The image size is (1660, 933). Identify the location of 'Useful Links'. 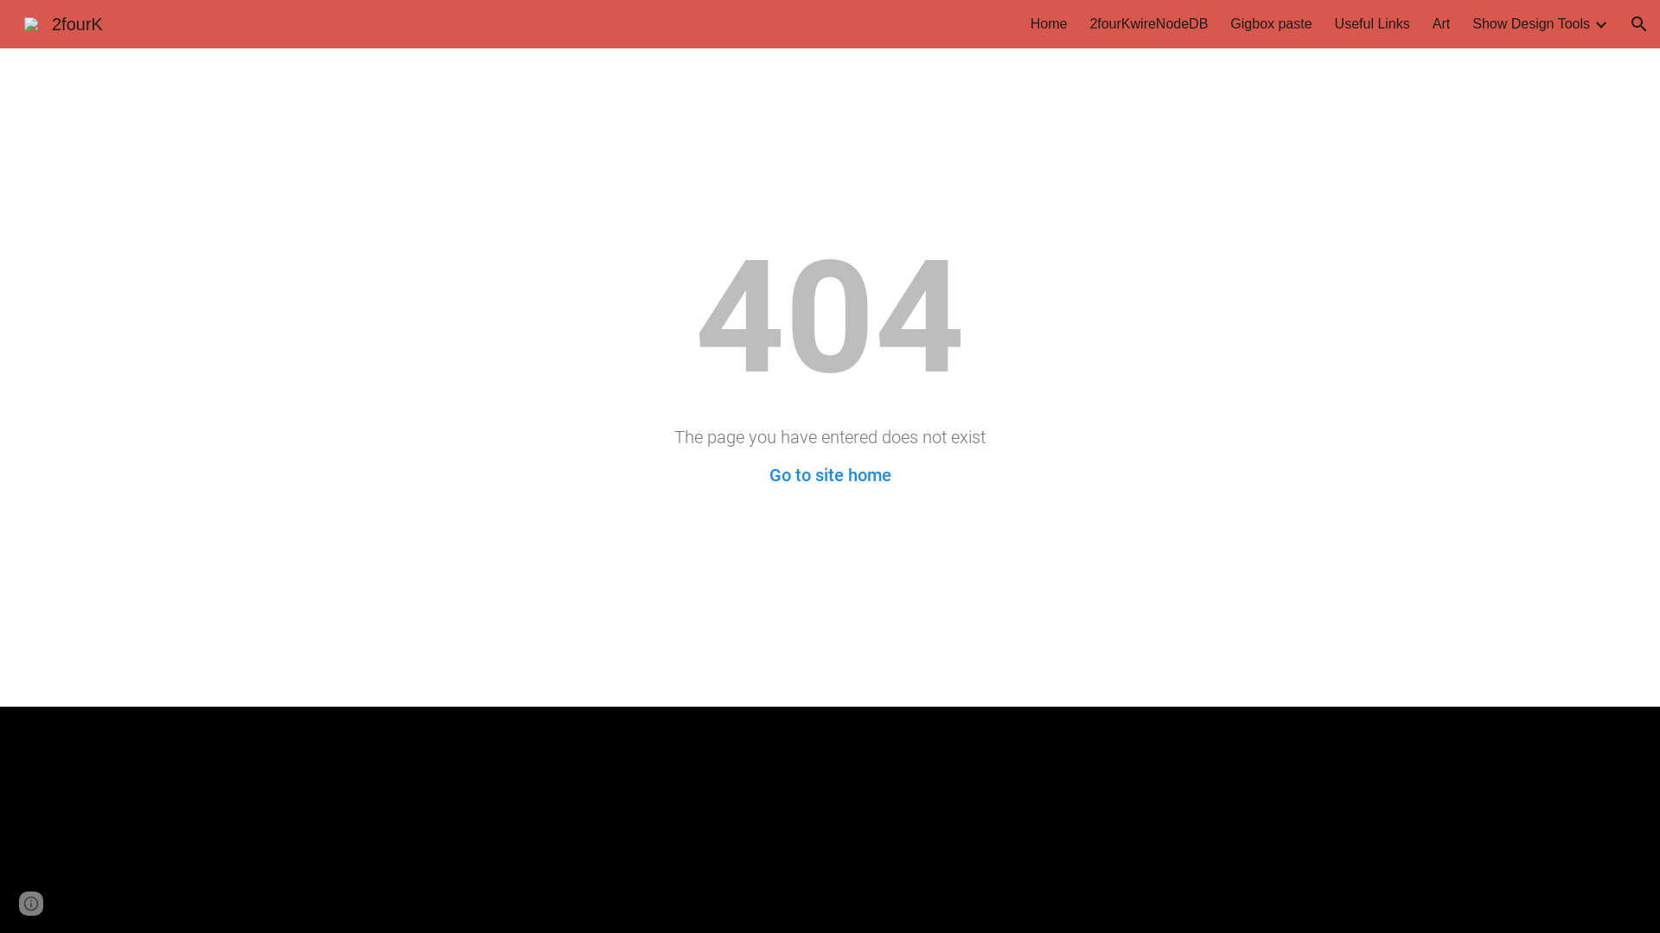
(1371, 23).